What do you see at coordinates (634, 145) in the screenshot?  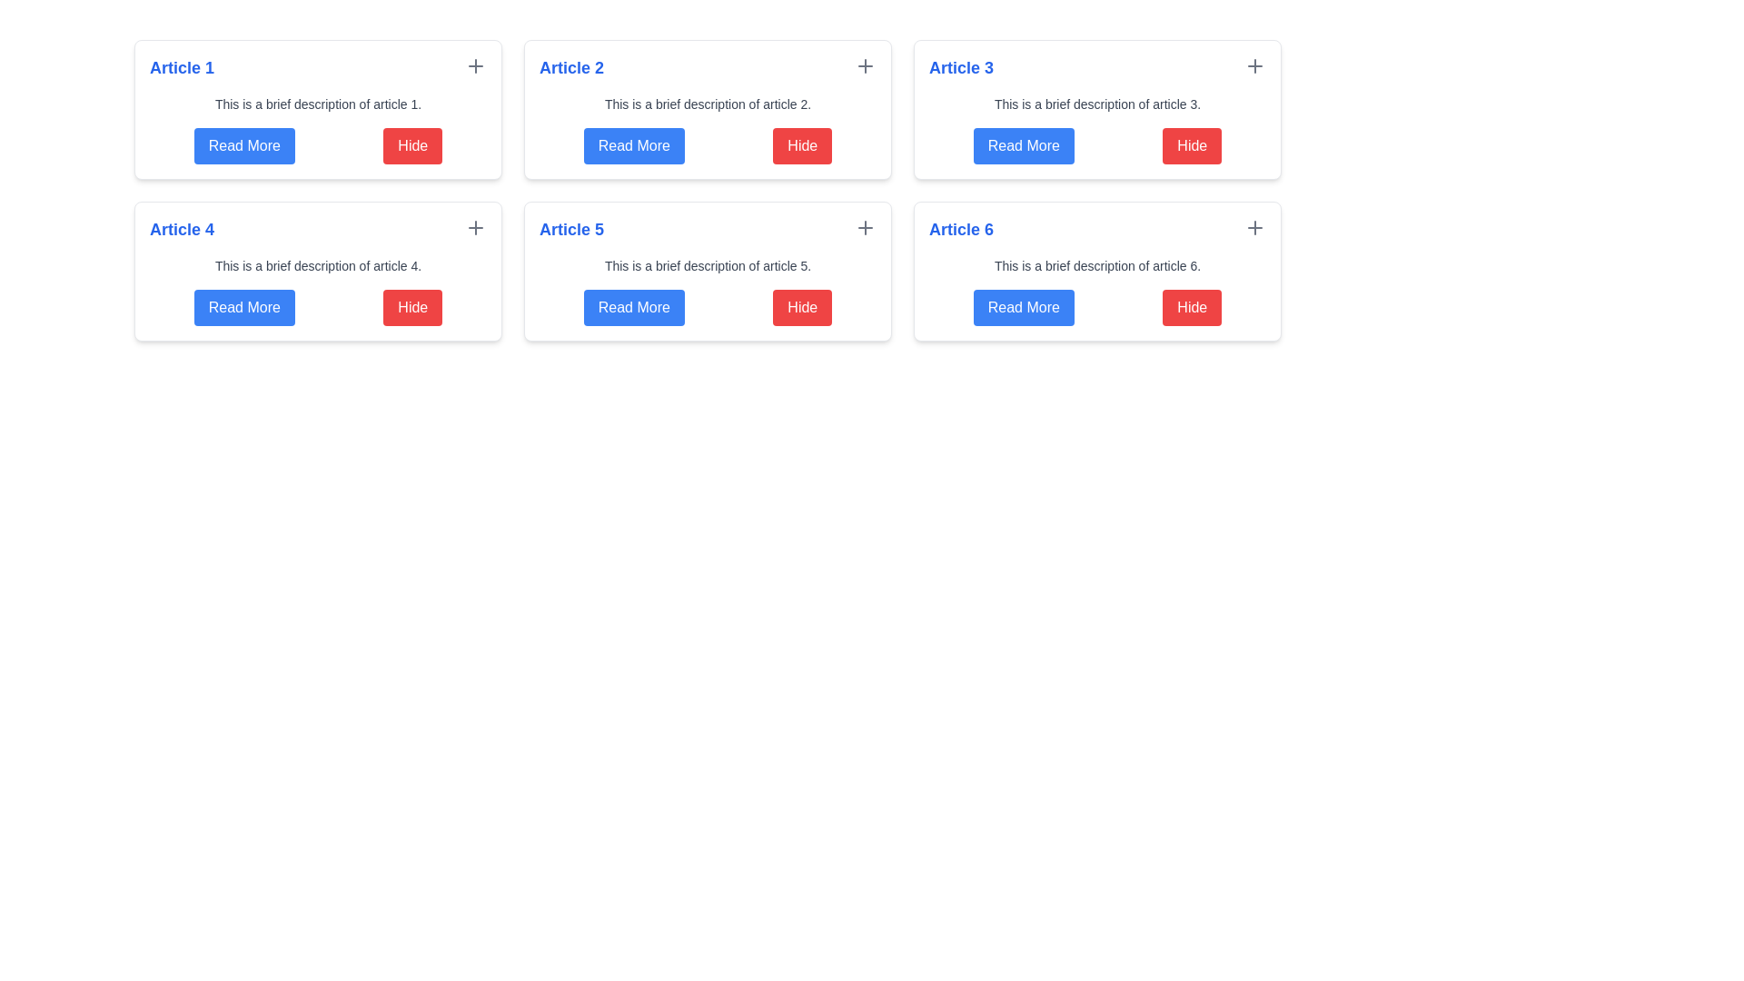 I see `the 'Read More' button with a blue background and white text, located in the card titled 'Article 2'` at bounding box center [634, 145].